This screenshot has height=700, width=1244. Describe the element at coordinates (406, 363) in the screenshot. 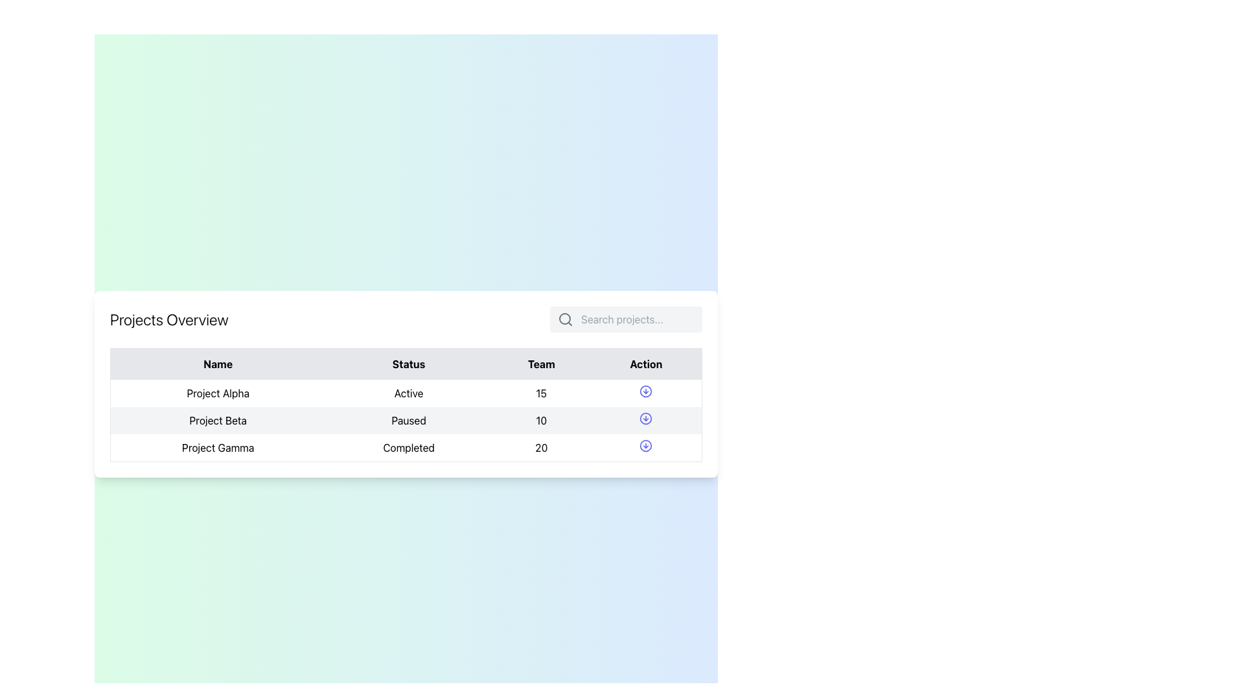

I see `labels presented in the Table header row containing 'Name', 'Status', 'Team', and 'Action' text segments` at that location.